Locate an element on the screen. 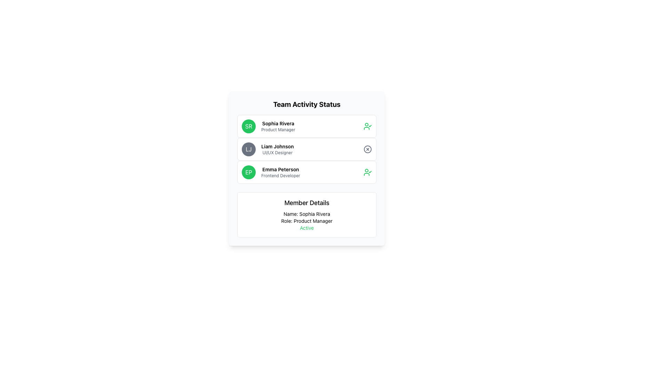  the avatar representing the user 'Sophia Rivera', which is the leftmost item in the first row of a vertically stacked list is located at coordinates (249, 126).